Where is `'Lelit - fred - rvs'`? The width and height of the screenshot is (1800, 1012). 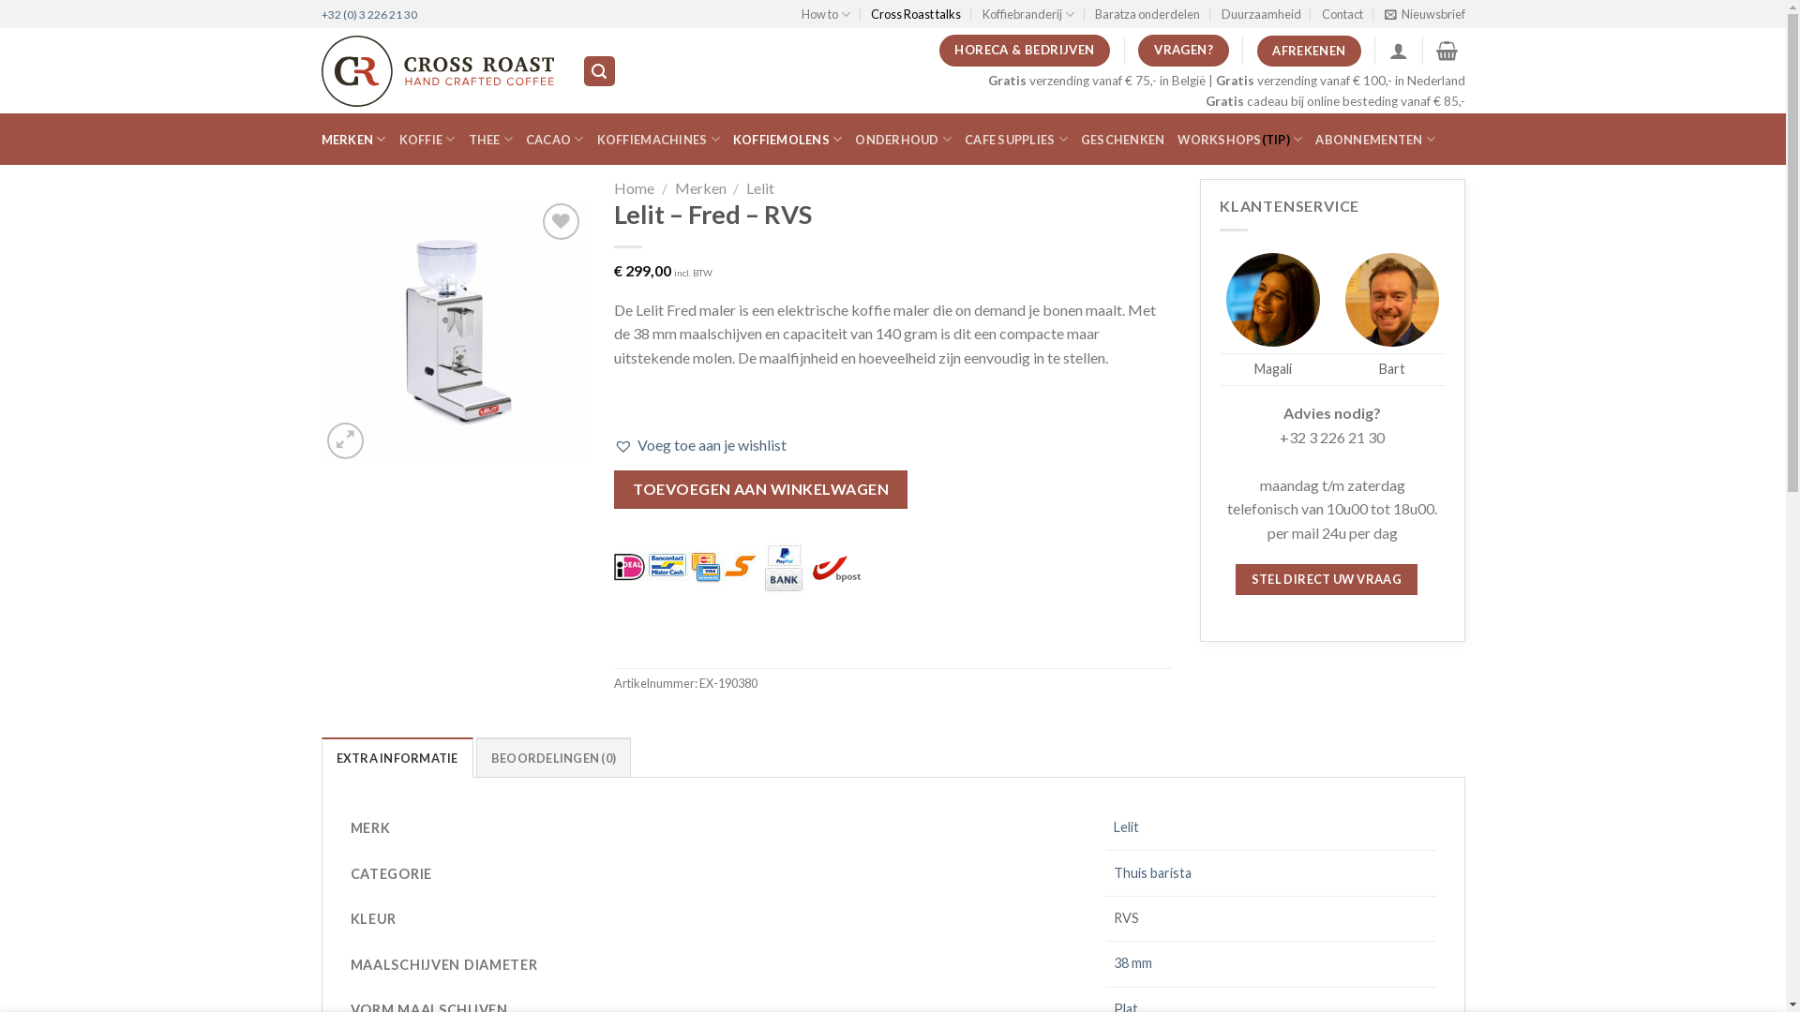
'Lelit - fred - rvs' is located at coordinates (320, 330).